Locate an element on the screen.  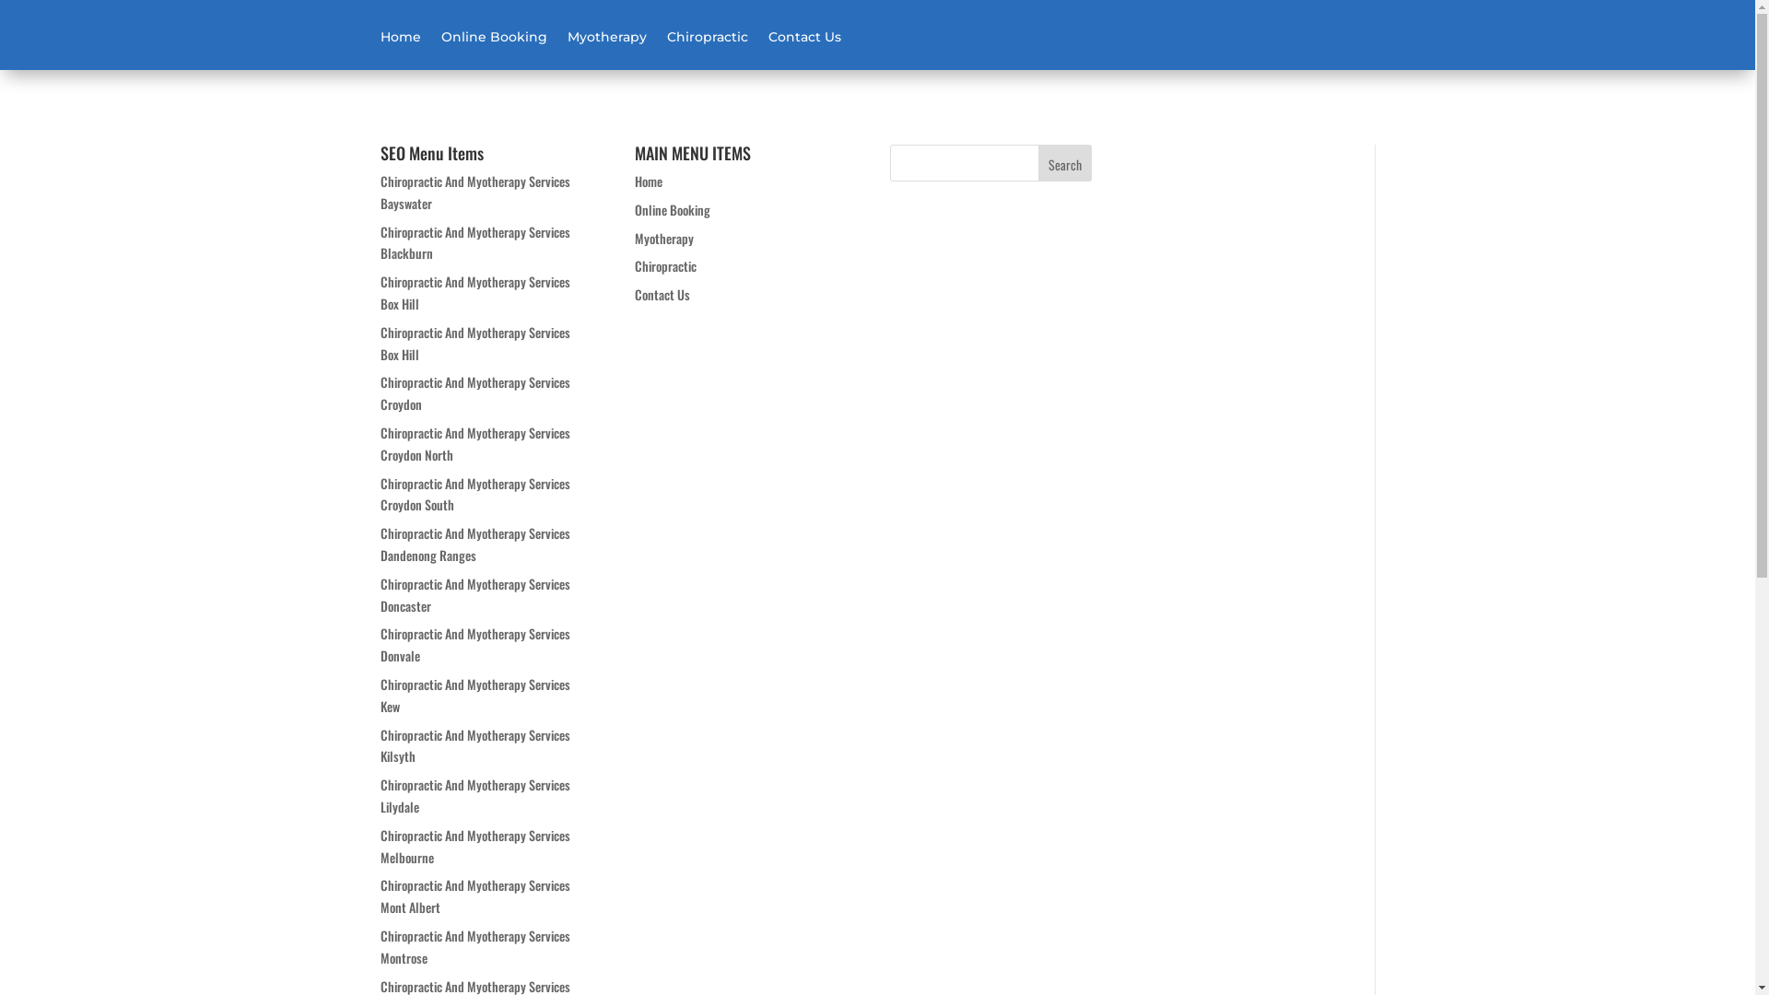
'Chiropractic And Myotherapy Services Dandenong Ranges' is located at coordinates (474, 543).